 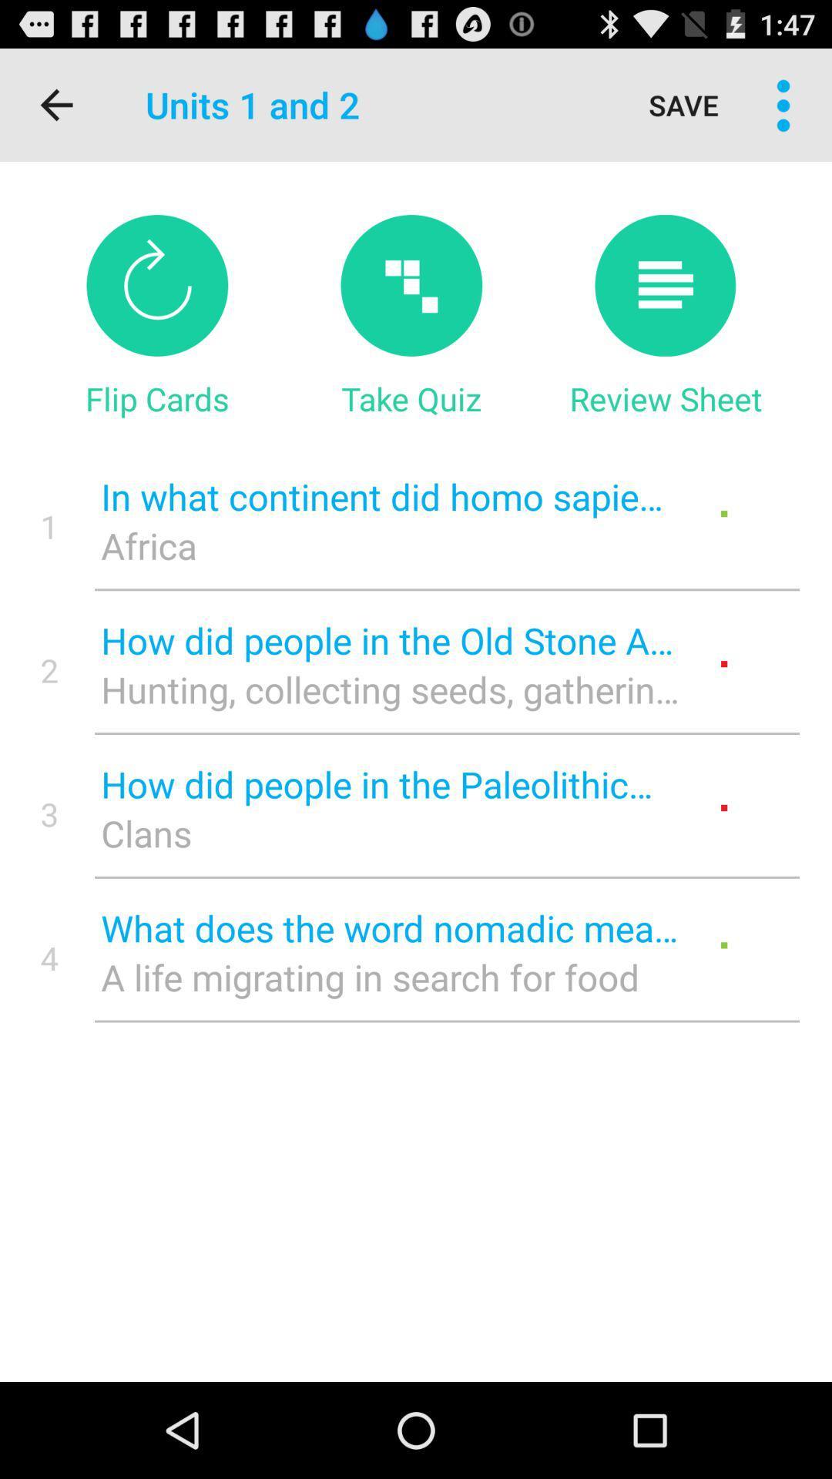 I want to click on the item above the in what continent item, so click(x=665, y=398).